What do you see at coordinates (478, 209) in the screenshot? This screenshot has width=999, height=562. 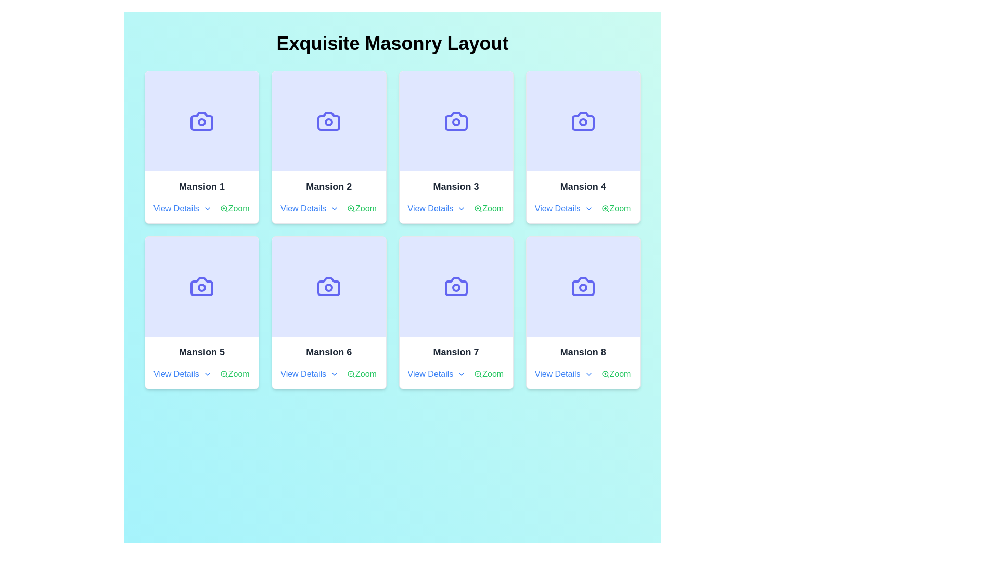 I see `the zoom icon located to the left of the 'Zoom' text below the image and title of 'Mansion 3' to zoom in` at bounding box center [478, 209].